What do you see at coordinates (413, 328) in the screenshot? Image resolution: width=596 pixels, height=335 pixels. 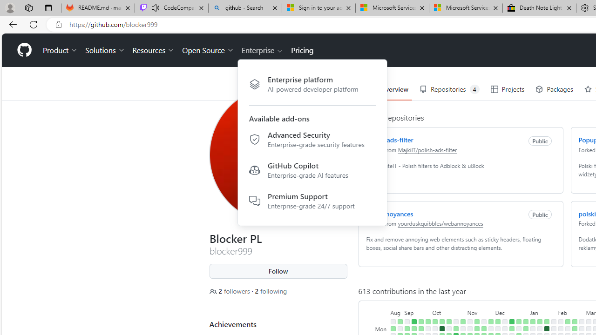 I see `'1 contribution on September 11th.'` at bounding box center [413, 328].